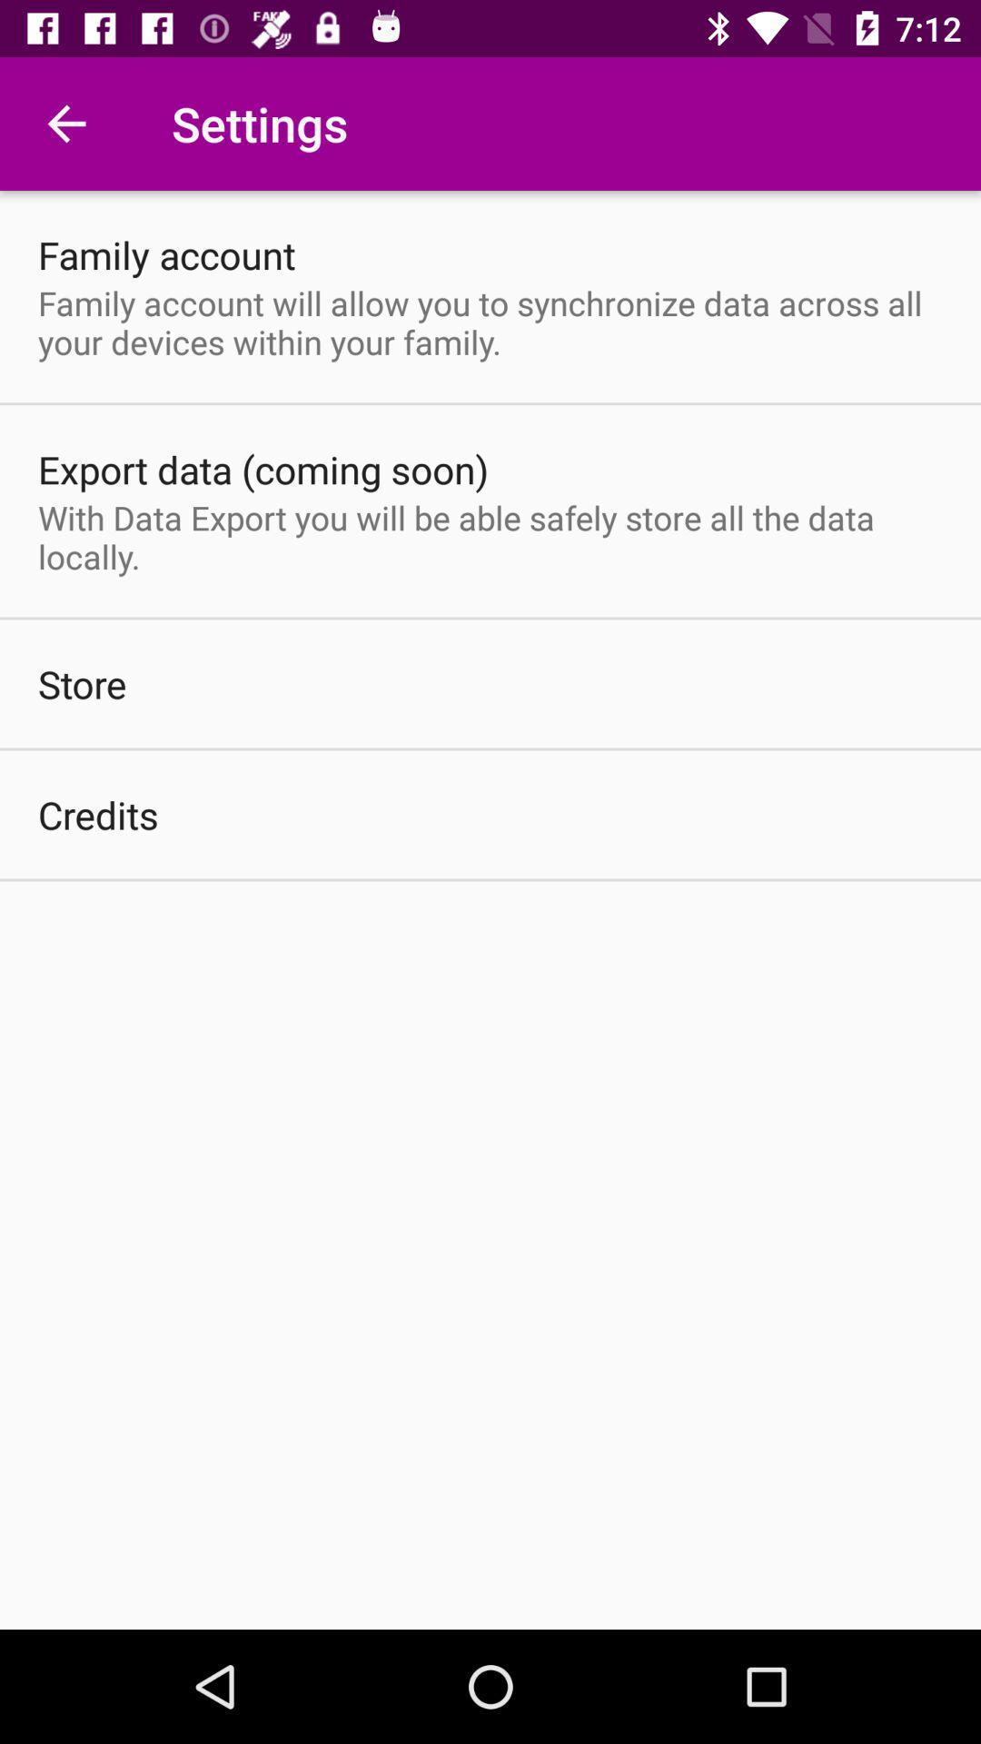  I want to click on credits icon, so click(98, 814).